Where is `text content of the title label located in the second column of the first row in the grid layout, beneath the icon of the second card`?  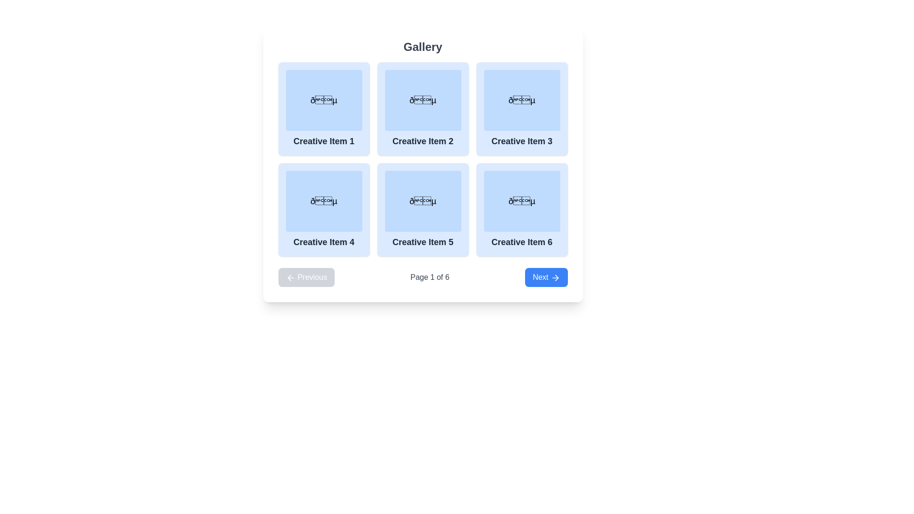 text content of the title label located in the second column of the first row in the grid layout, beneath the icon of the second card is located at coordinates (422, 141).